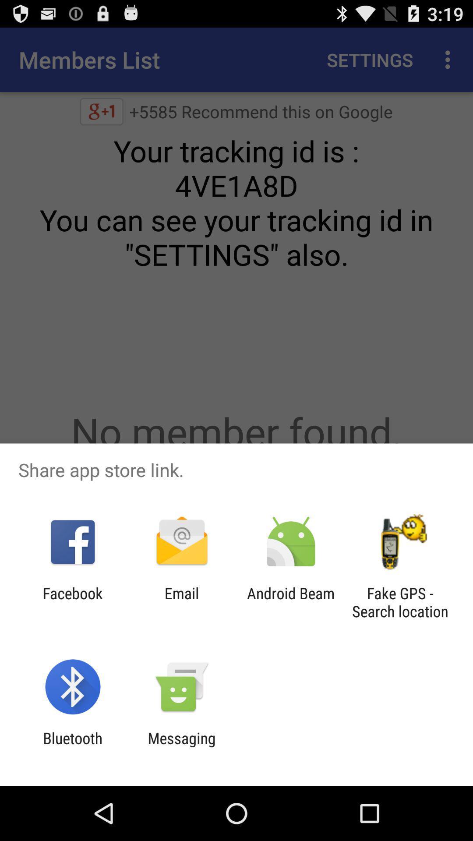 The width and height of the screenshot is (473, 841). I want to click on android beam app, so click(291, 602).